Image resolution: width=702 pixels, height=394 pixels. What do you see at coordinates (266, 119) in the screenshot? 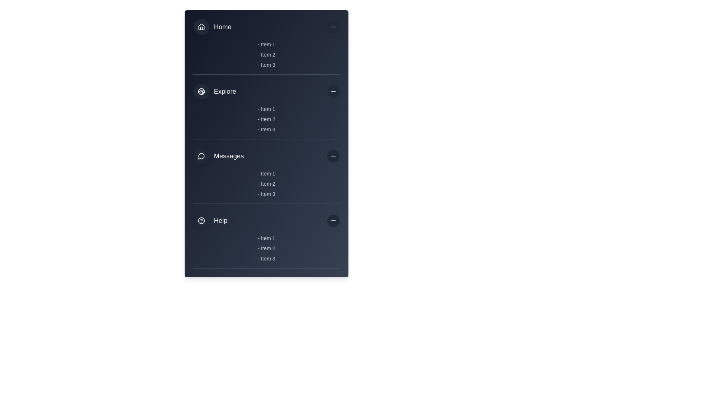
I see `the second Text Label item in the 'Explore' section, which represents an option or reference point and is positioned centrally beneath the 'Explore' section title` at bounding box center [266, 119].